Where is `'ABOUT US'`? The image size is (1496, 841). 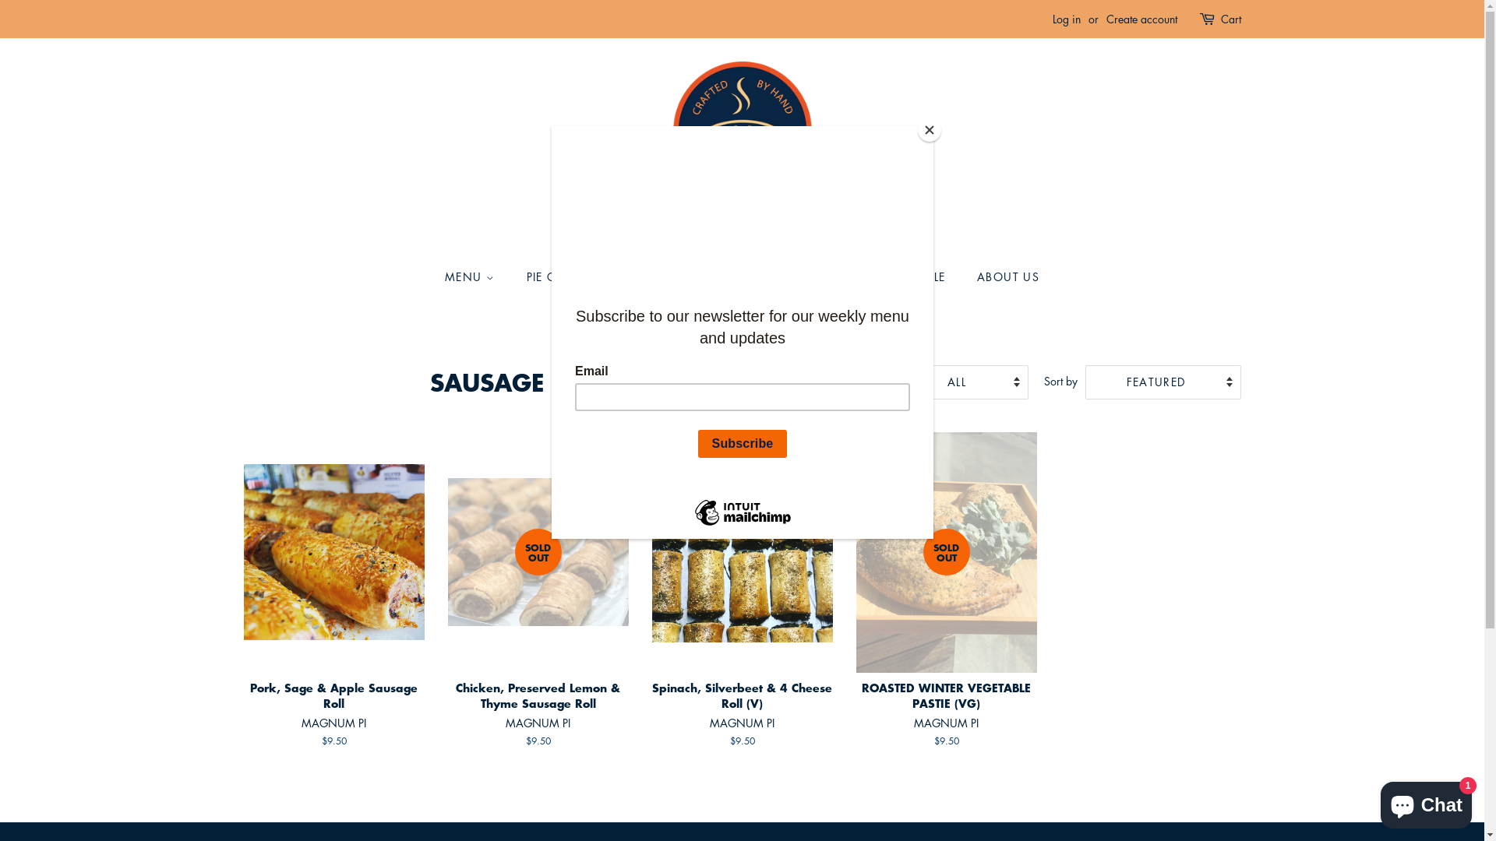 'ABOUT US' is located at coordinates (1002, 276).